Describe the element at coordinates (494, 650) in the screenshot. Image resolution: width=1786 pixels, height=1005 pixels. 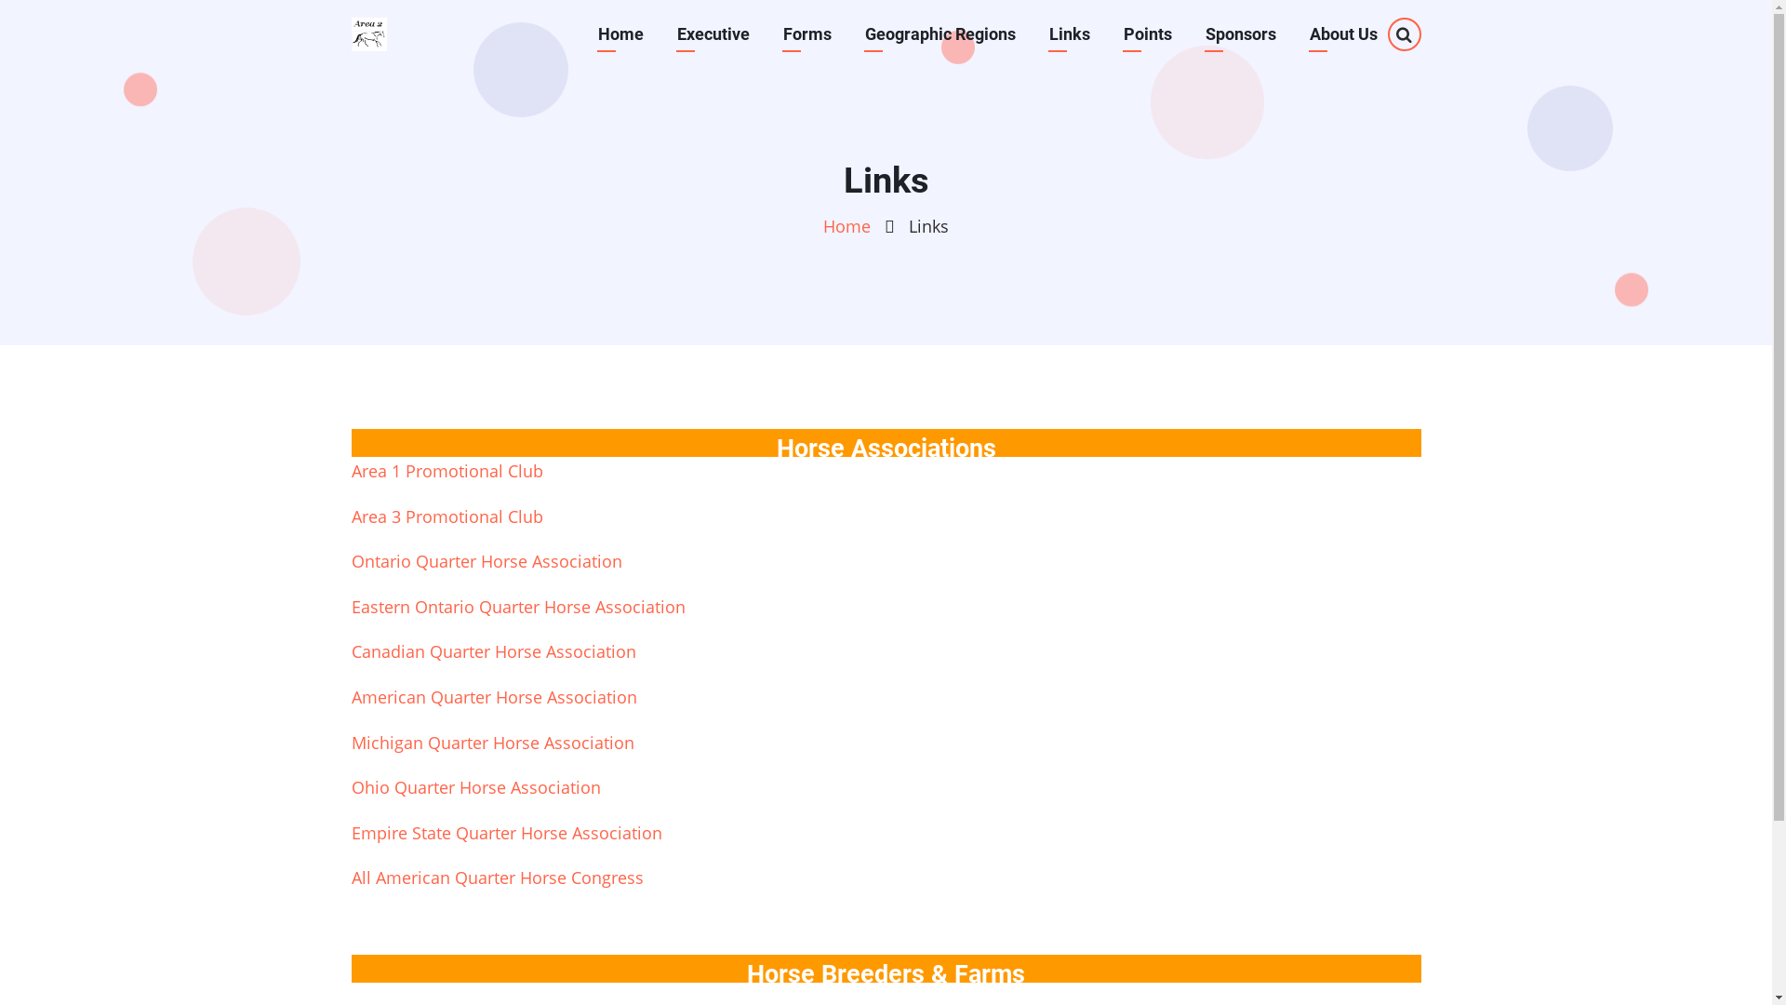
I see `'Canadian Quarter Horse Association'` at that location.